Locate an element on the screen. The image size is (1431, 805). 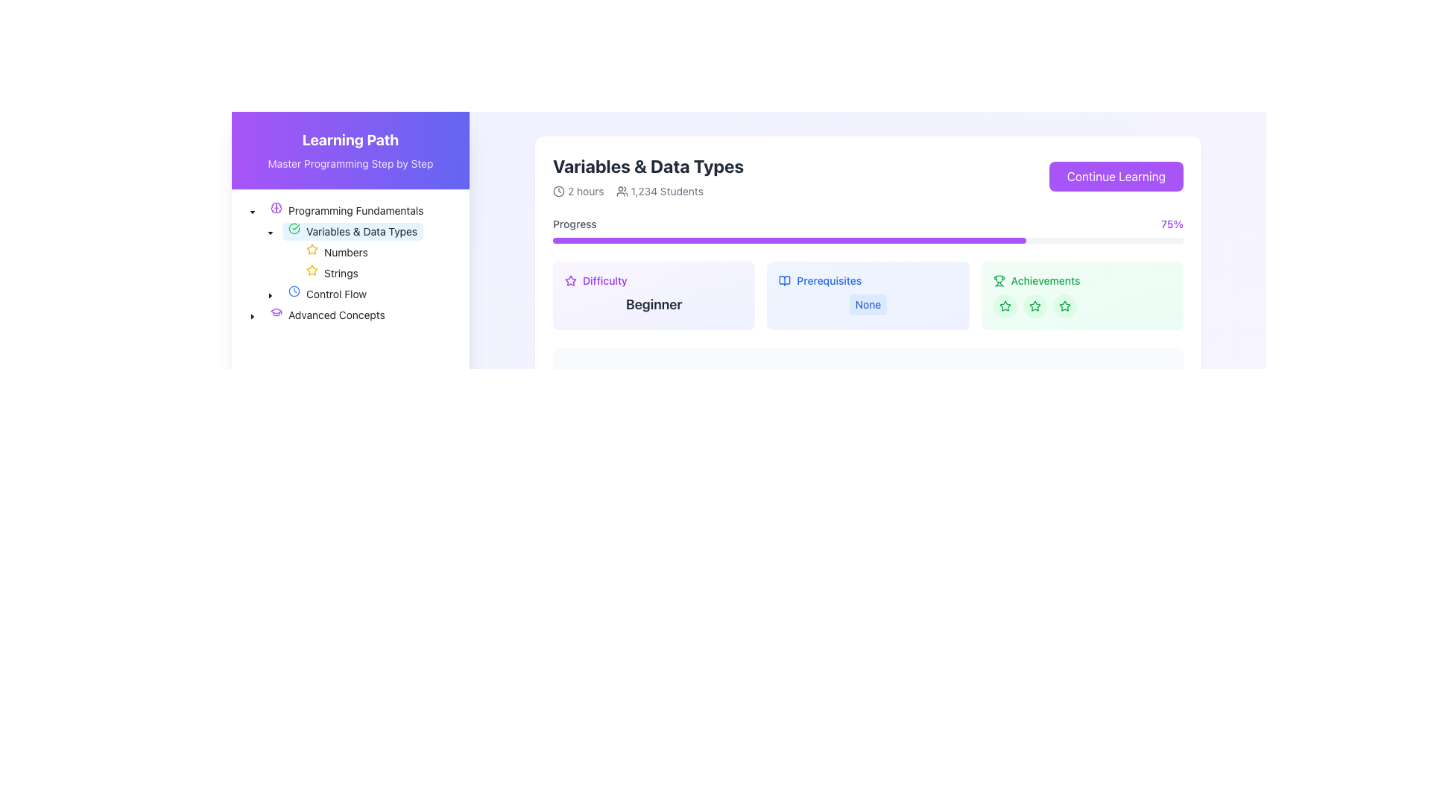
on the tree node labeled 'Variables & Data Types' with a green checkmark is located at coordinates (352, 232).